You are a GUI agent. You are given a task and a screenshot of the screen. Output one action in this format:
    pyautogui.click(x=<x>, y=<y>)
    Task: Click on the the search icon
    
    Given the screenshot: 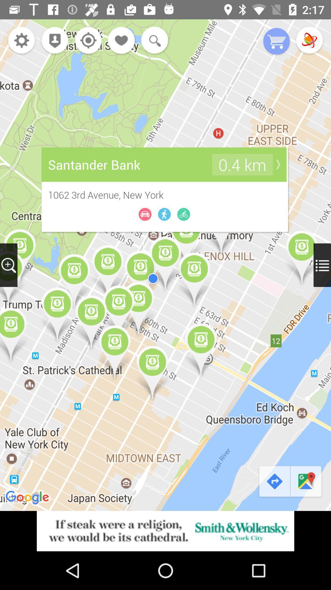 What is the action you would take?
    pyautogui.click(x=153, y=41)
    